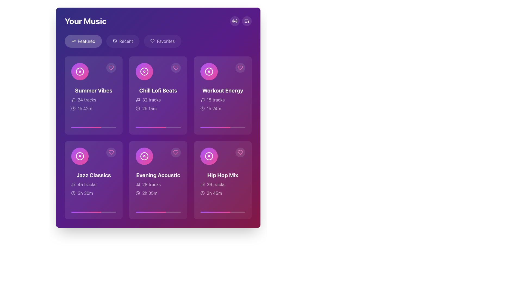  Describe the element at coordinates (111, 68) in the screenshot. I see `the heart-shaped icon button with a pink outline located at the top-right corner of the 'Summer Vibes' card` at that location.